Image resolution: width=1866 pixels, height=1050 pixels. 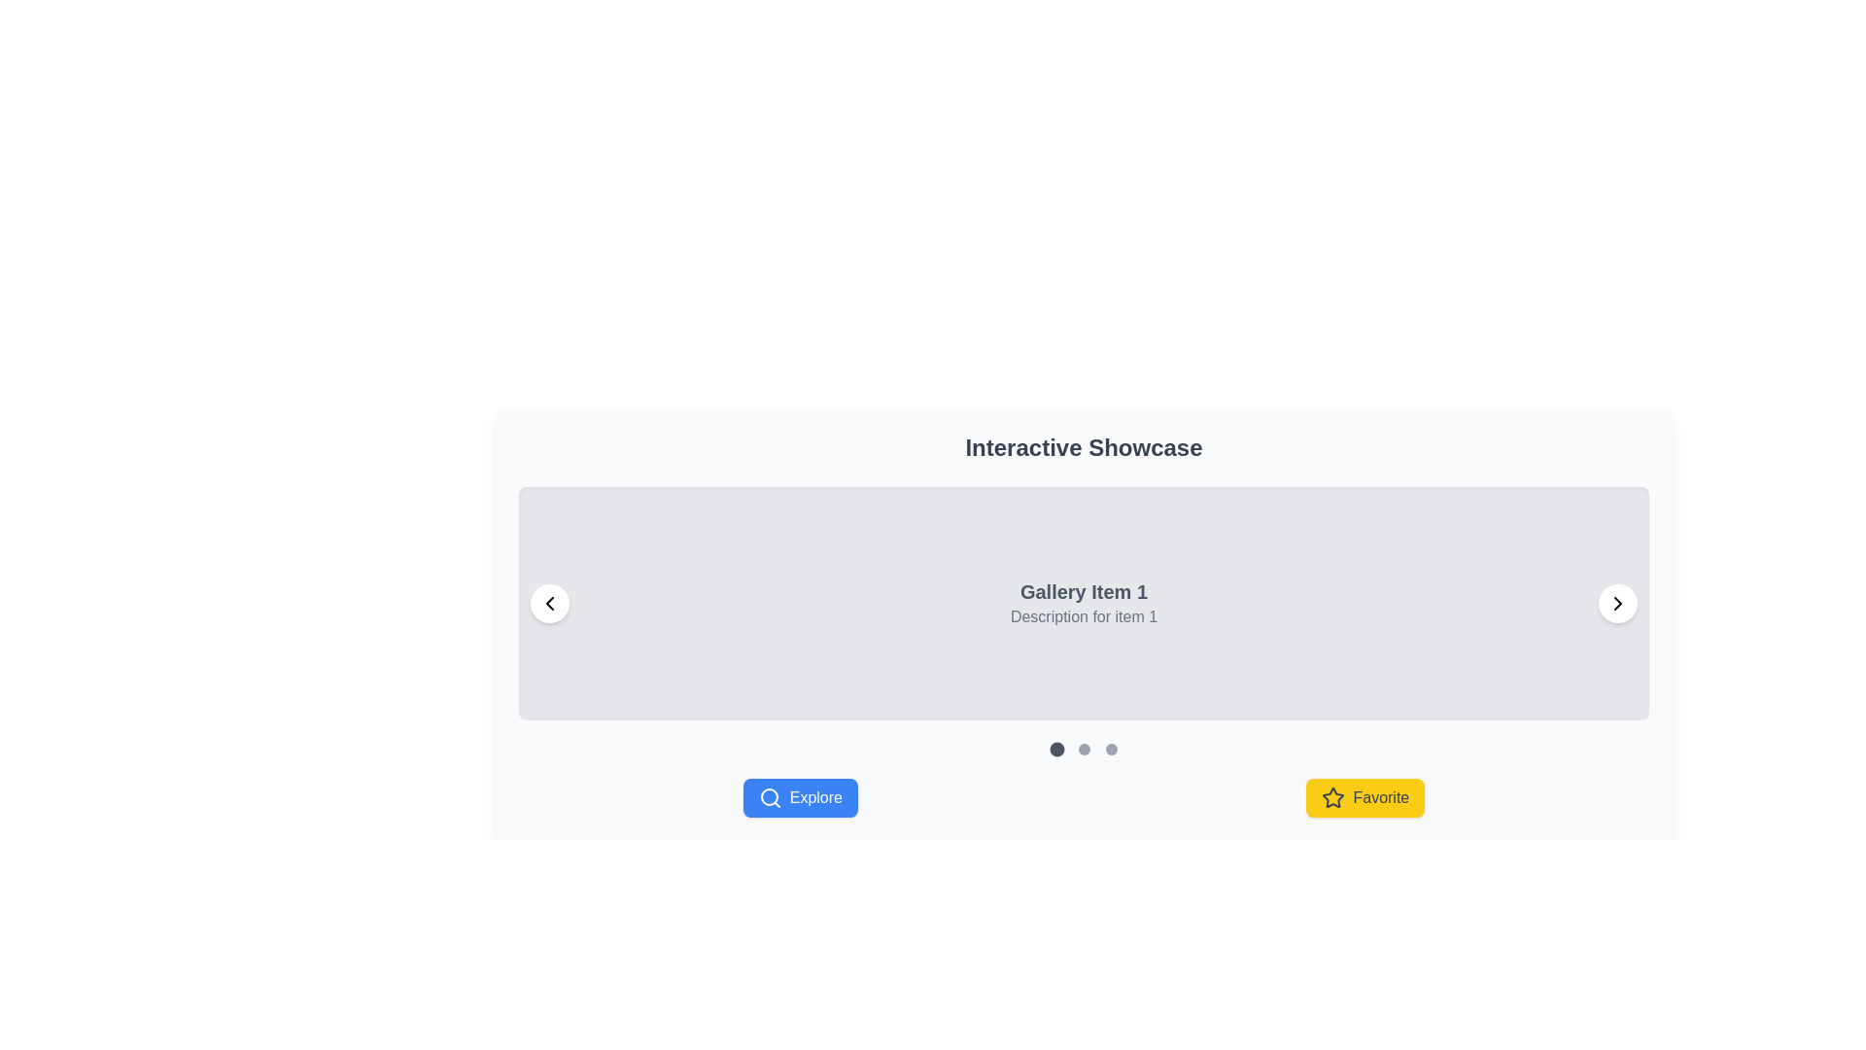 What do you see at coordinates (1618, 603) in the screenshot?
I see `the chevron icon embedded in the circular button located at the bottom-right corner of the 'Gallery Item 1' card to navigate to the next item in the gallery` at bounding box center [1618, 603].